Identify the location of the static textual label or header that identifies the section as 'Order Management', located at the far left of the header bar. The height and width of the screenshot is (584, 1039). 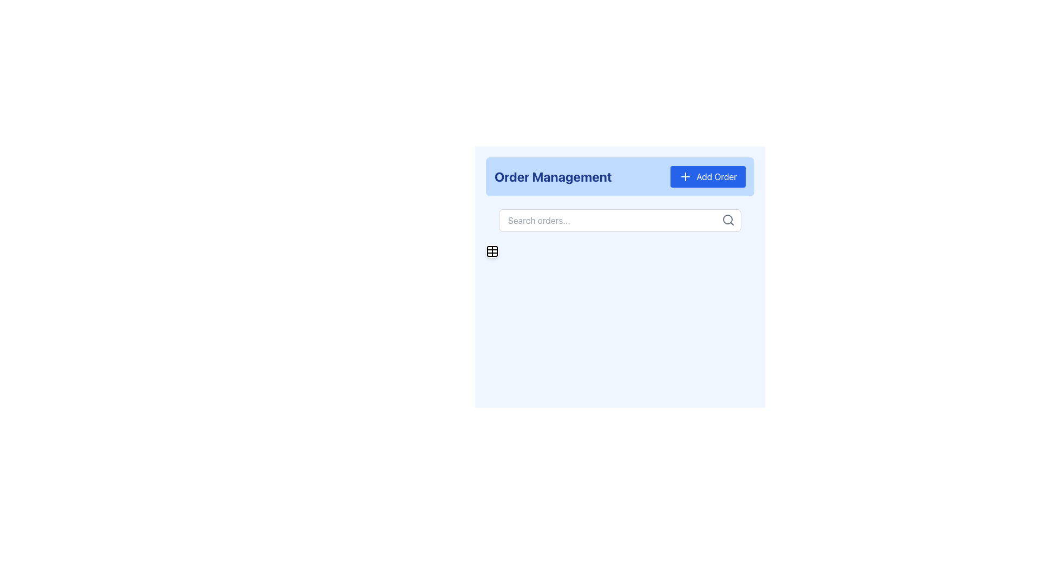
(553, 176).